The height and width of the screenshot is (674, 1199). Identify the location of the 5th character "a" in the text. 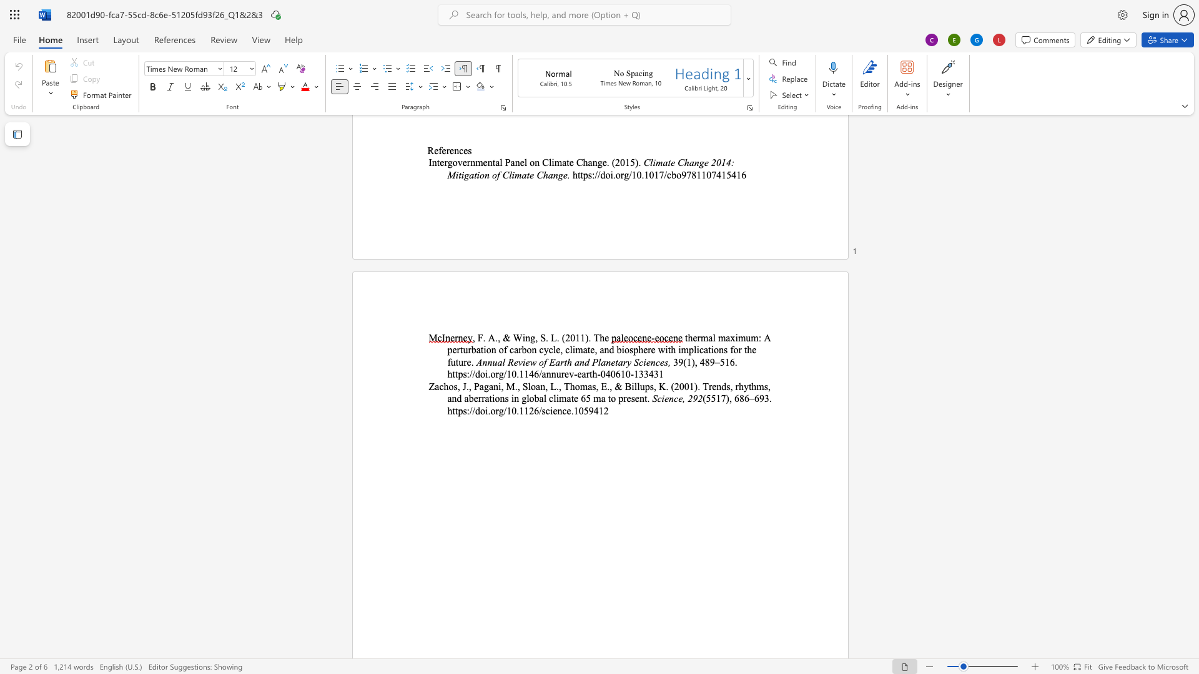
(589, 386).